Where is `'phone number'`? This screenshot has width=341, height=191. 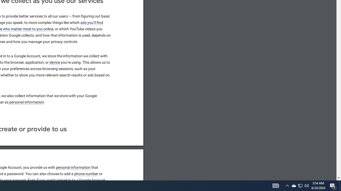
'phone number' is located at coordinates (86, 174).